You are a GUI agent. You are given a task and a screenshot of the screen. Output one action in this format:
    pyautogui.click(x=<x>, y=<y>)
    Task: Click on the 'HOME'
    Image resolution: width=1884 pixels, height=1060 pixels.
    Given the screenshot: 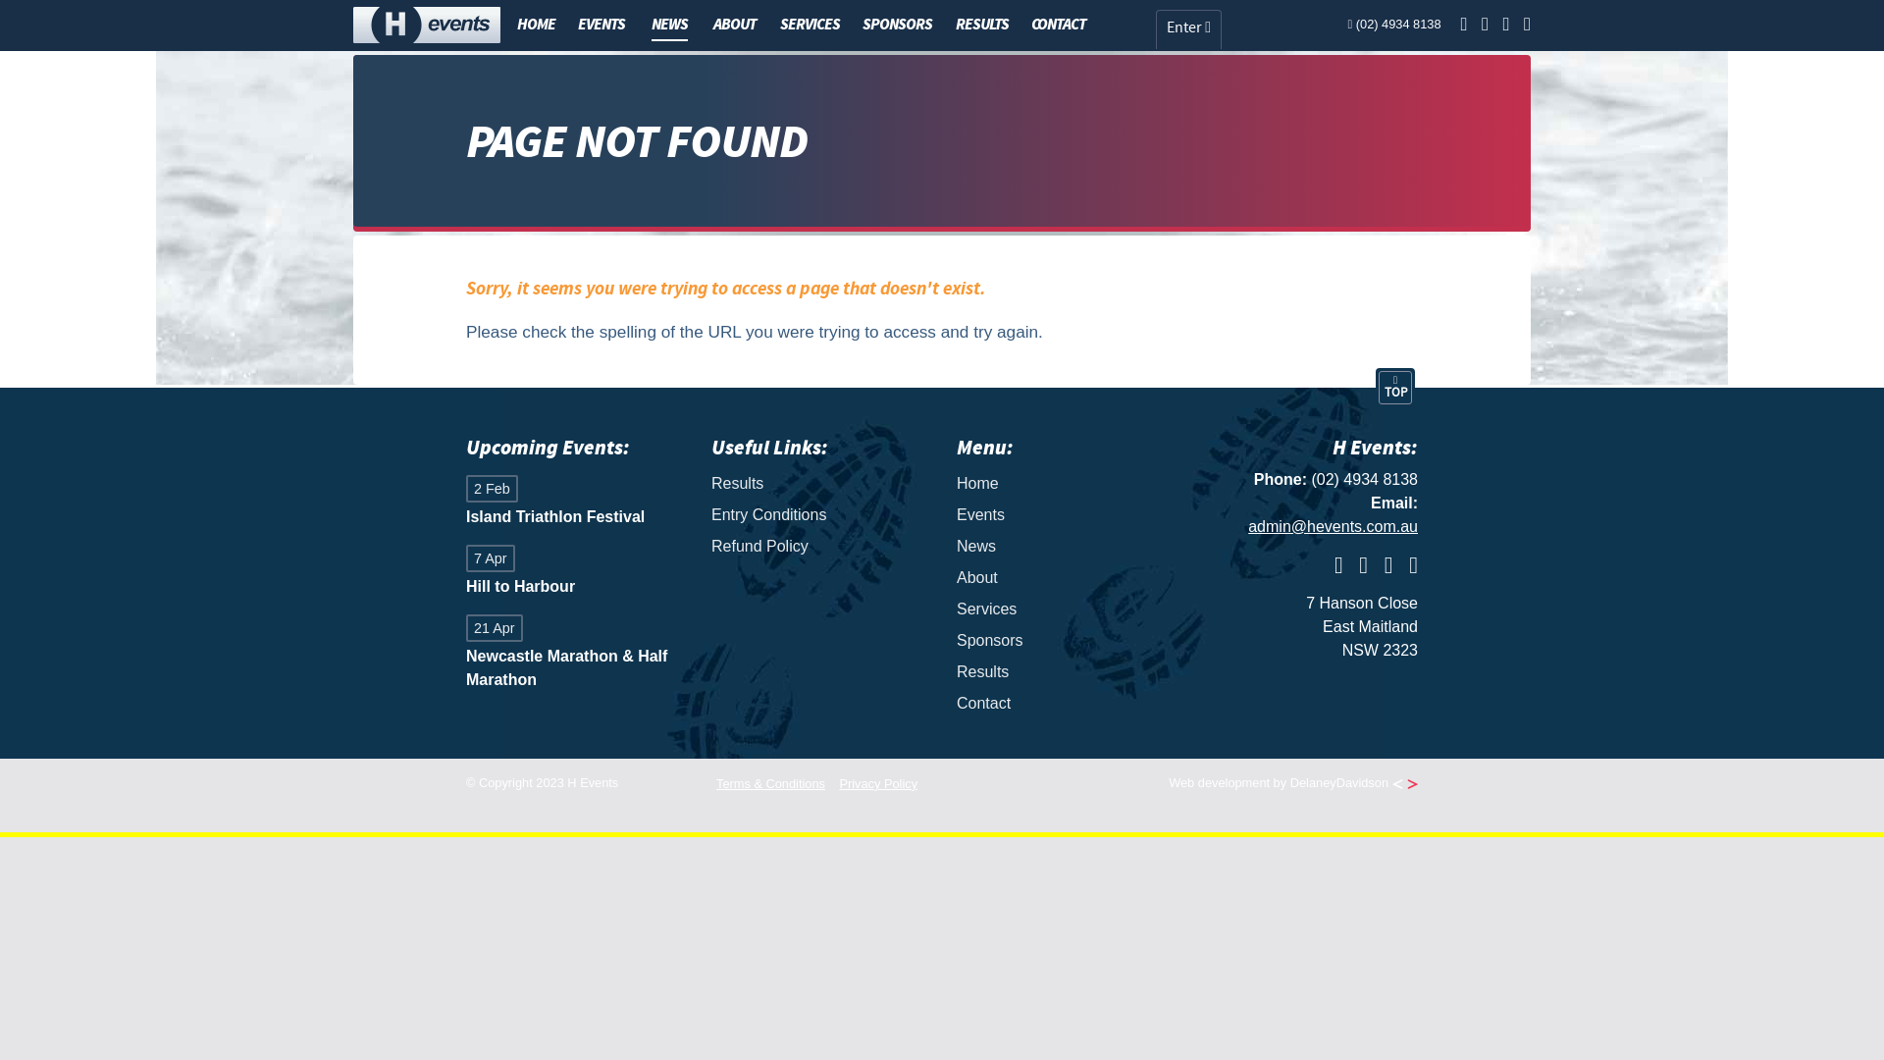 What is the action you would take?
    pyautogui.click(x=536, y=24)
    